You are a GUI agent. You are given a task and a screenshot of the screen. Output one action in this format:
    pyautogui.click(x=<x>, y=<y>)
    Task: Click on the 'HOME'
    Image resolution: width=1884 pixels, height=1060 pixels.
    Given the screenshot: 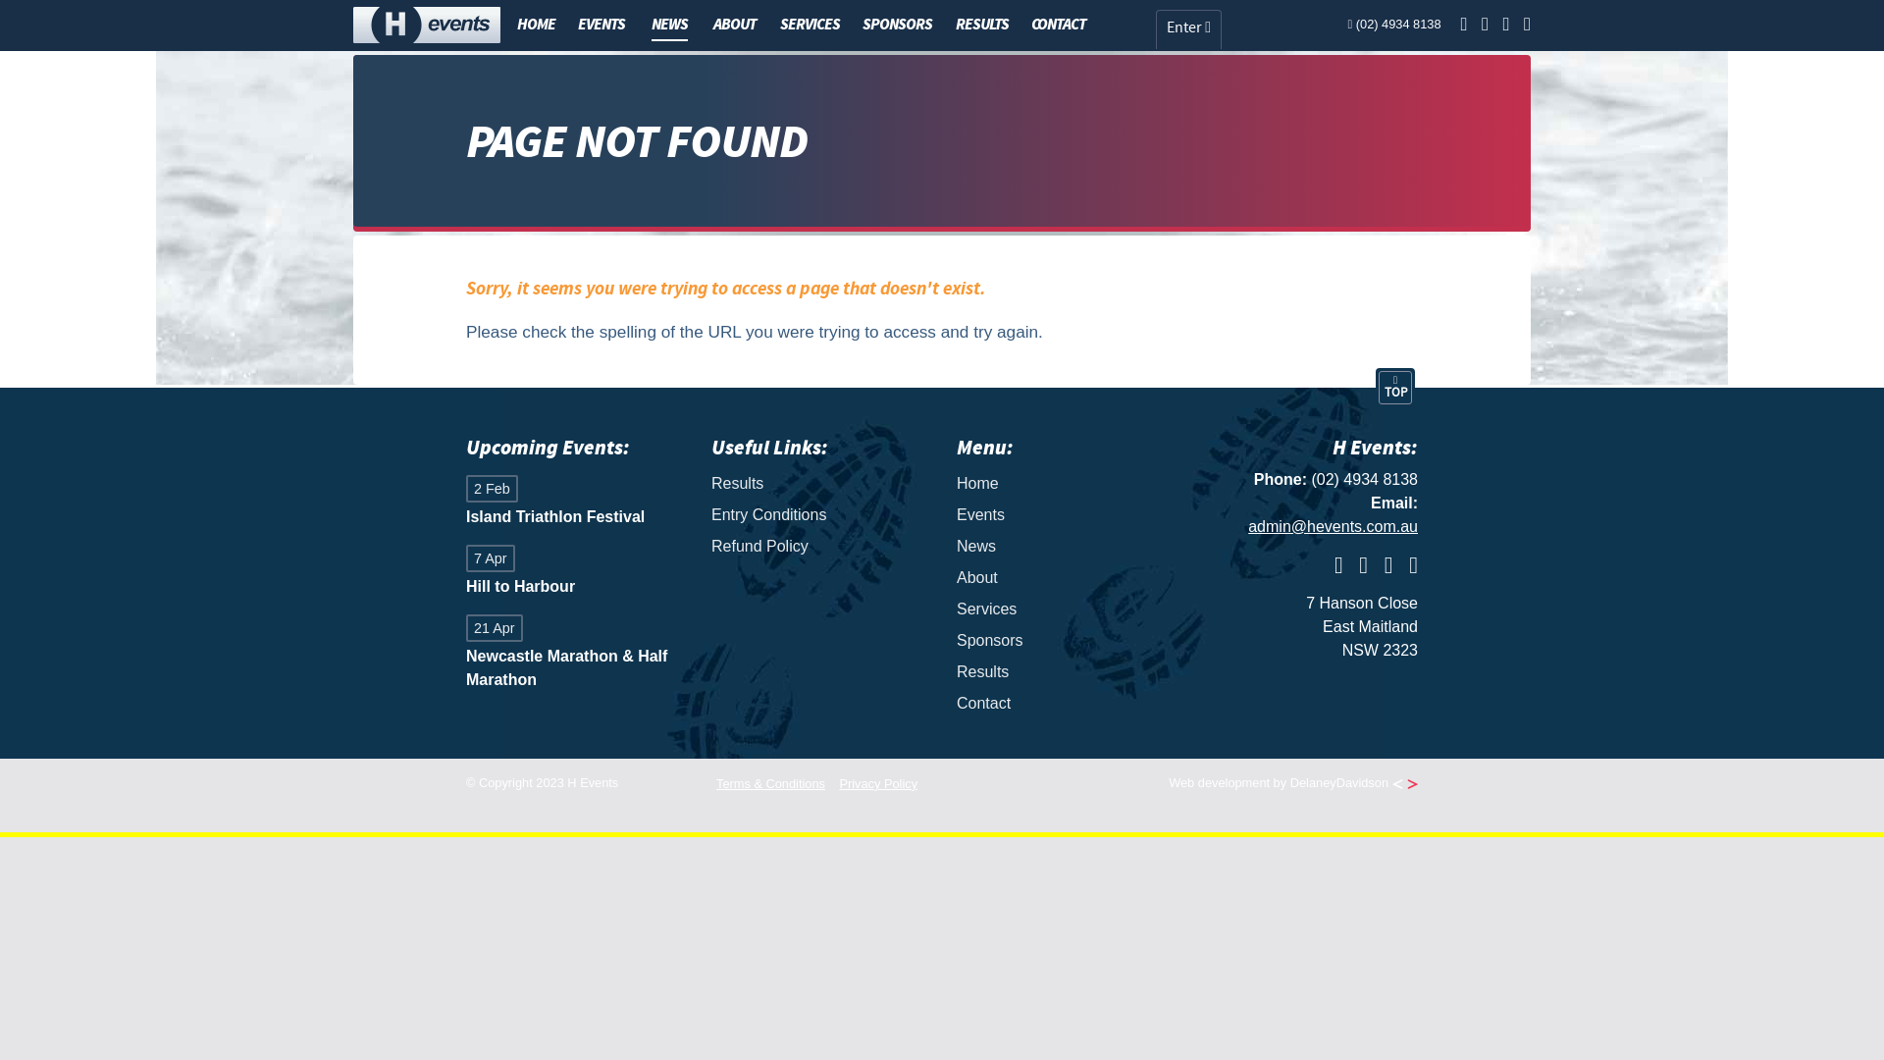 What is the action you would take?
    pyautogui.click(x=536, y=24)
    